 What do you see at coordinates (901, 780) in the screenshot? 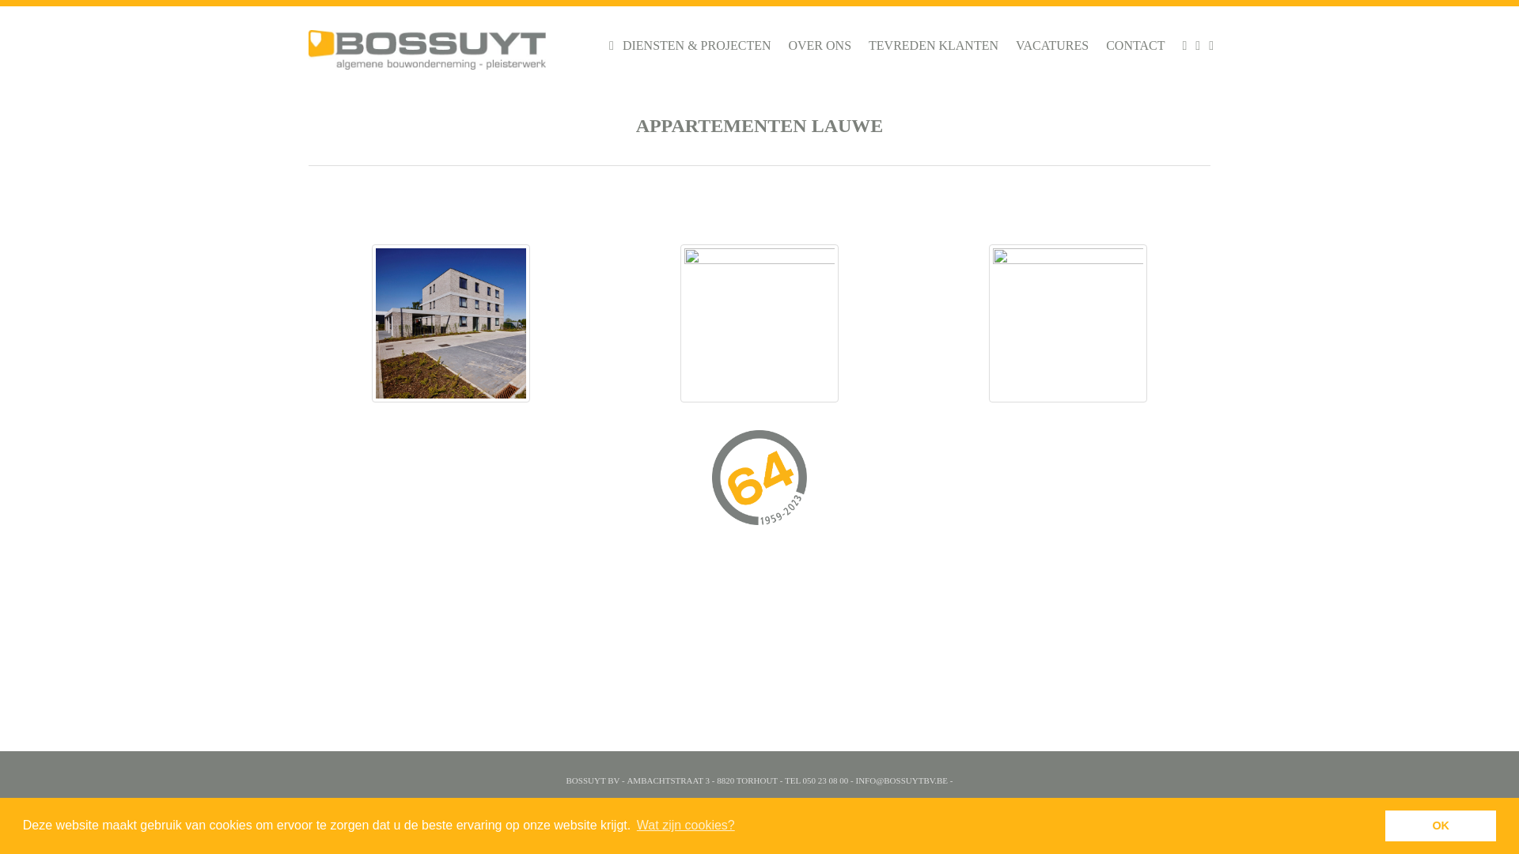
I see `'INFO@BOSSUYTBV.BE'` at bounding box center [901, 780].